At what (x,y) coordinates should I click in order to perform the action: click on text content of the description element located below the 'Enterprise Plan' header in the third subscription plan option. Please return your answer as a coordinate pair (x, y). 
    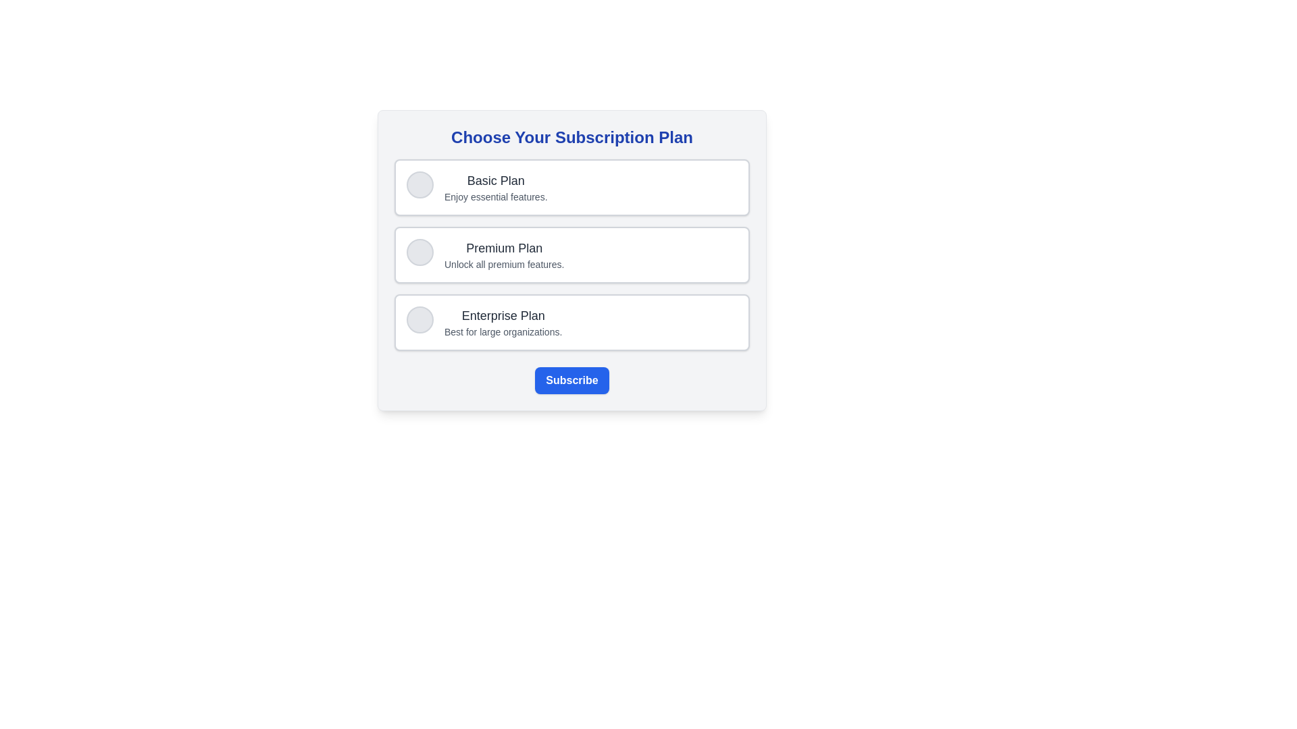
    Looking at the image, I should click on (503, 332).